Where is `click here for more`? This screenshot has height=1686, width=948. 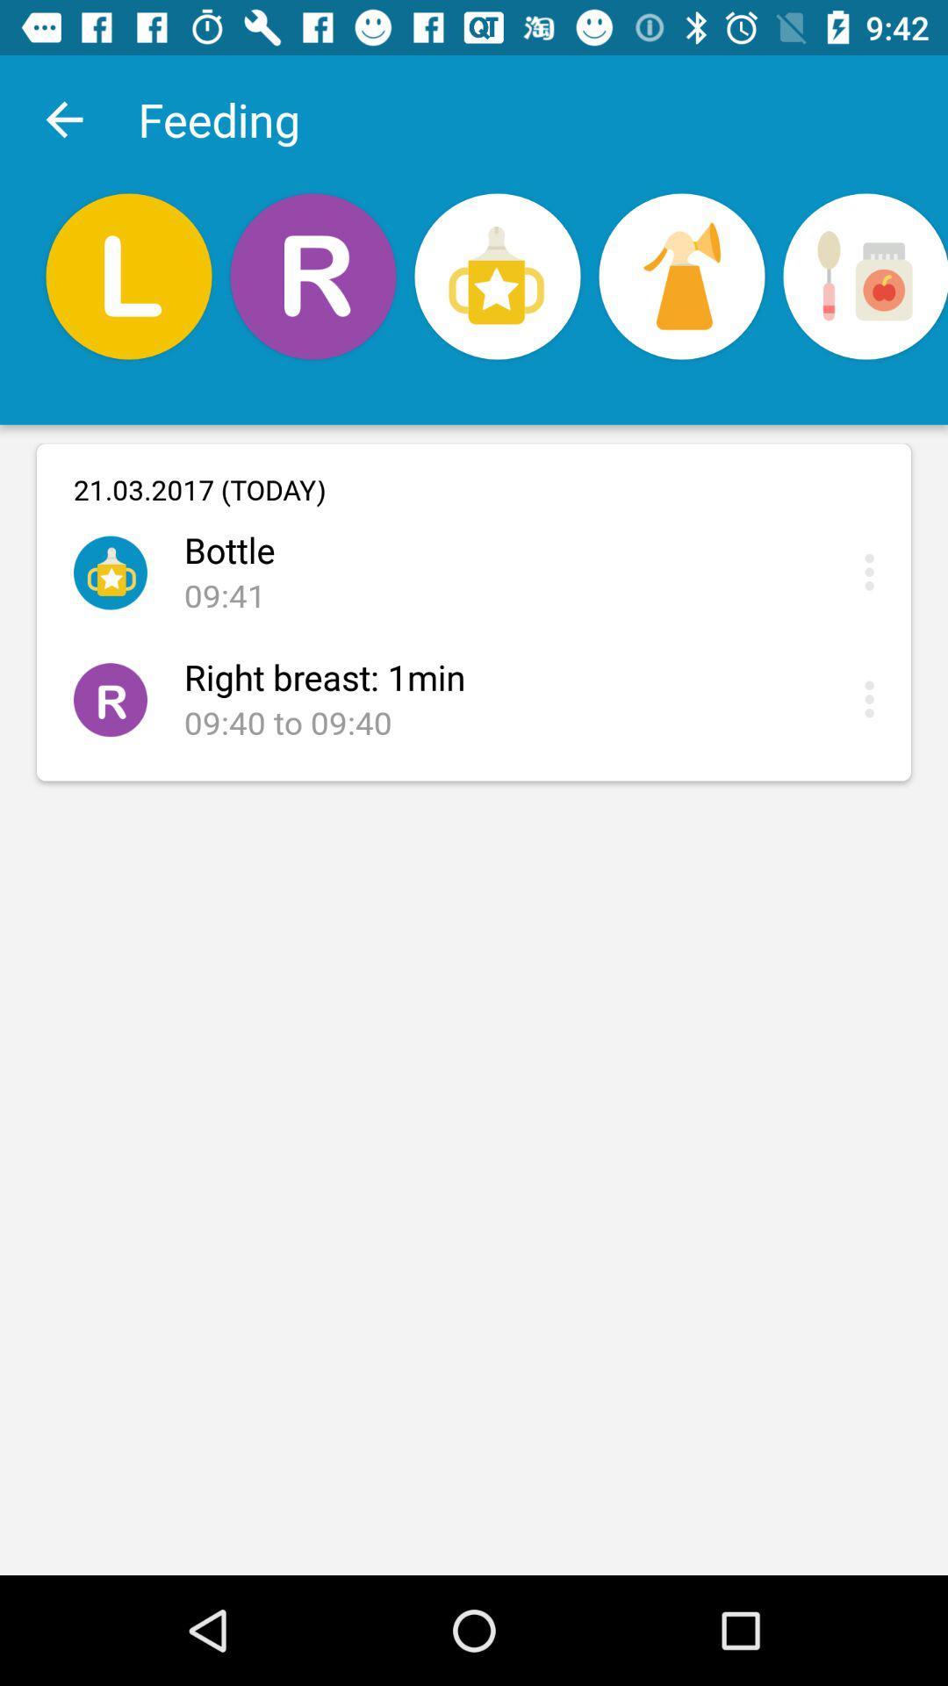 click here for more is located at coordinates (873, 698).